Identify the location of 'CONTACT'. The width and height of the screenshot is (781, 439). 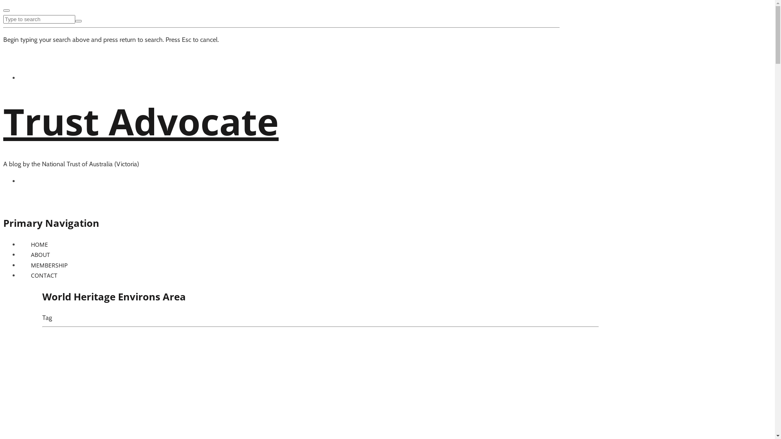
(44, 275).